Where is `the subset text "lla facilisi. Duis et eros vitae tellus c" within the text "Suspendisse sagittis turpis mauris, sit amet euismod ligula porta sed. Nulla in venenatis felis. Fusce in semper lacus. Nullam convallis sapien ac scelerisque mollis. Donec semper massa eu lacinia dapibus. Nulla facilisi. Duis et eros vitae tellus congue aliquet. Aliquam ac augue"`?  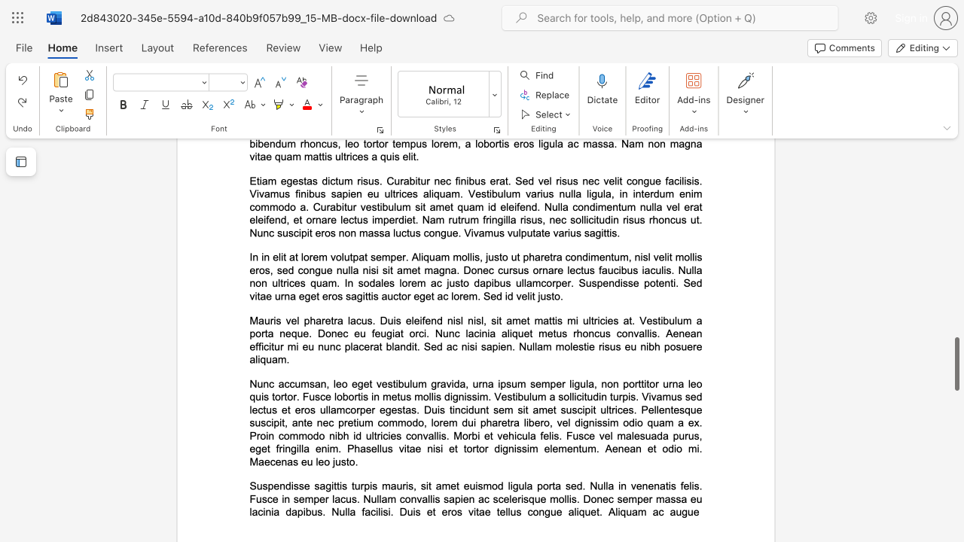 the subset text "lla facilisi. Duis et eros vitae tellus c" within the text "Suspendisse sagittis turpis mauris, sit amet euismod ligula porta sed. Nulla in venenatis felis. Fusce in semper lacus. Nullam convallis sapien ac scelerisque mollis. Donec semper massa eu lacinia dapibus. Nulla facilisi. Duis et eros vitae tellus congue aliquet. Aliquam ac augue" is located at coordinates (344, 511).